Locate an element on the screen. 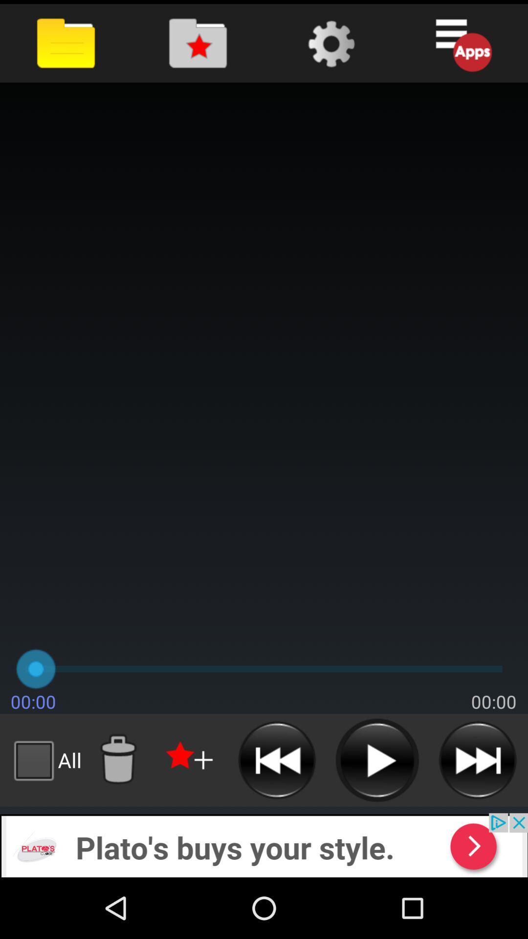 The height and width of the screenshot is (939, 528). put in trash is located at coordinates (117, 760).